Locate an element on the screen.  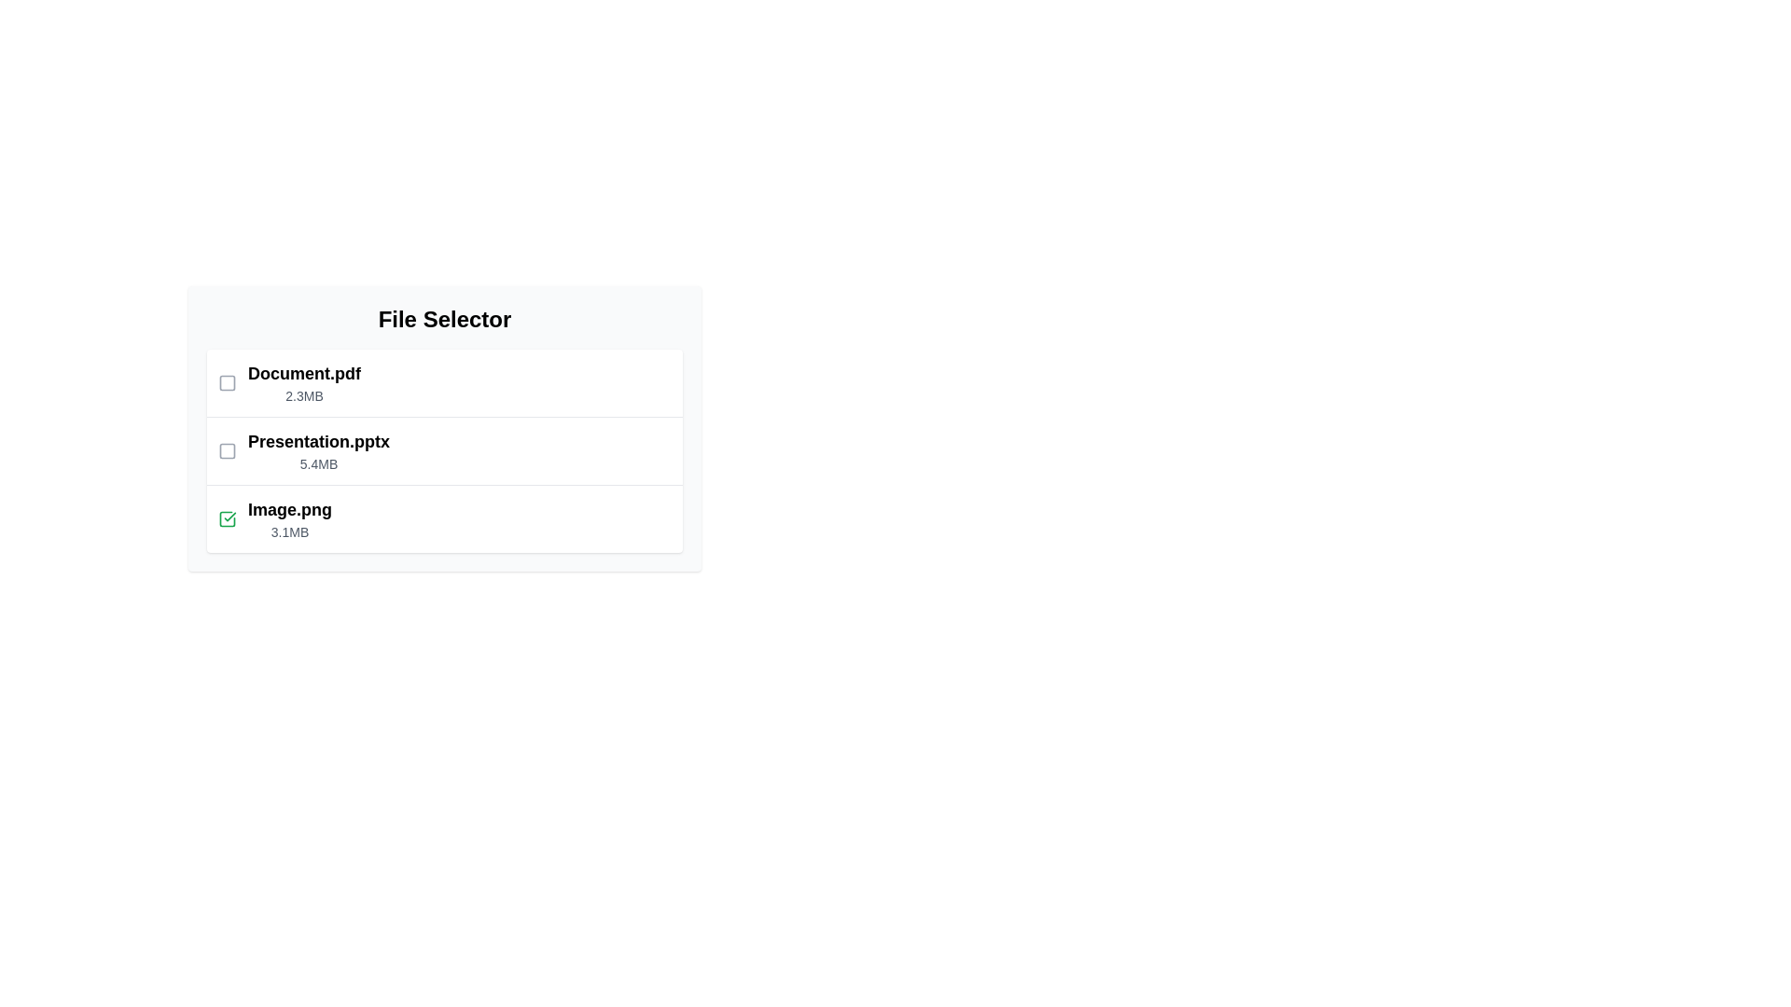
the file entry corresponding to Presentation.pptx is located at coordinates (443, 450).